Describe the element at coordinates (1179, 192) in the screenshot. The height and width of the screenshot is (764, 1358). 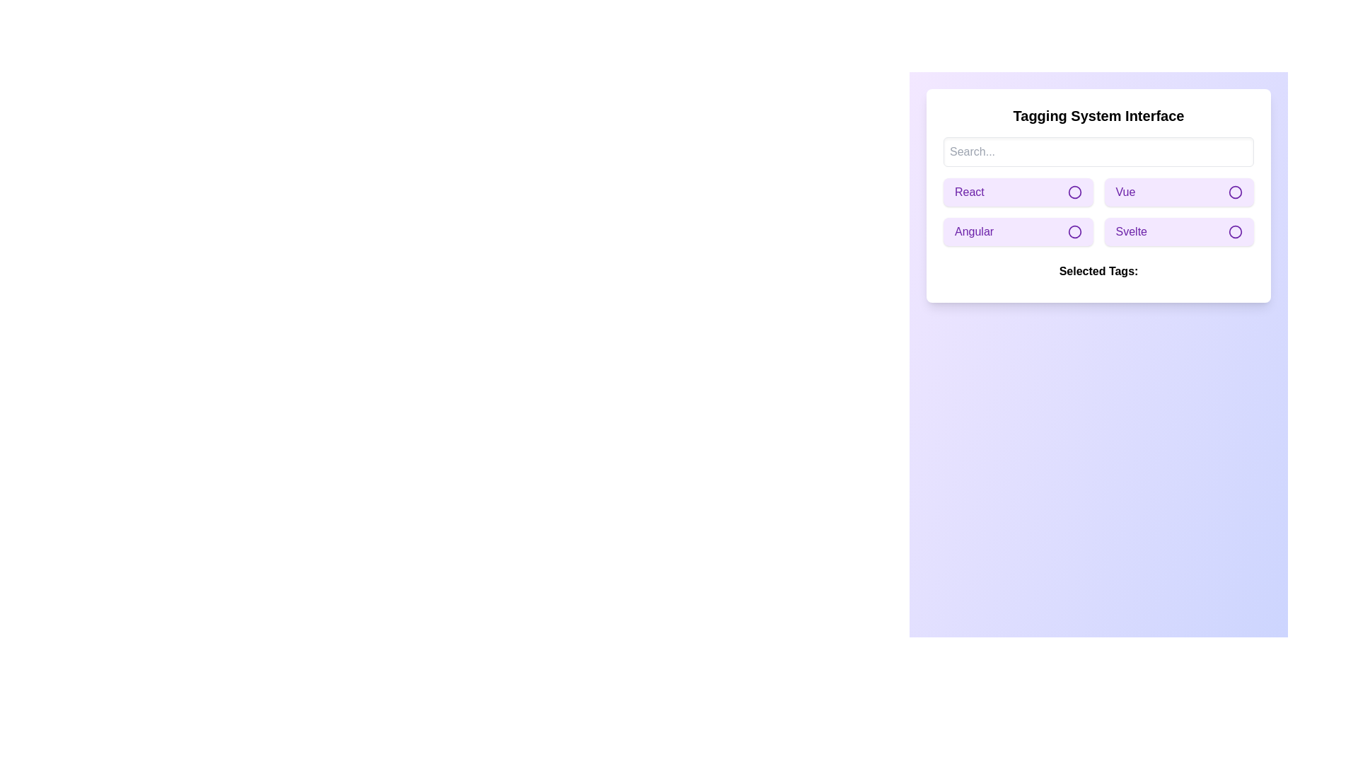
I see `the second button in the grid layout that serves to select the 'Vue' option` at that location.